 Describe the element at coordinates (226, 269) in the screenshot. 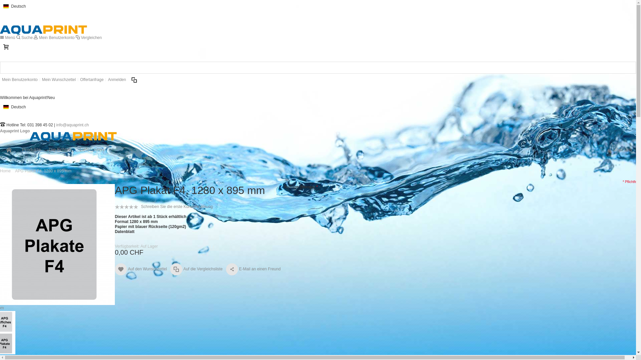

I see `'E-Mail an einen Freund'` at that location.